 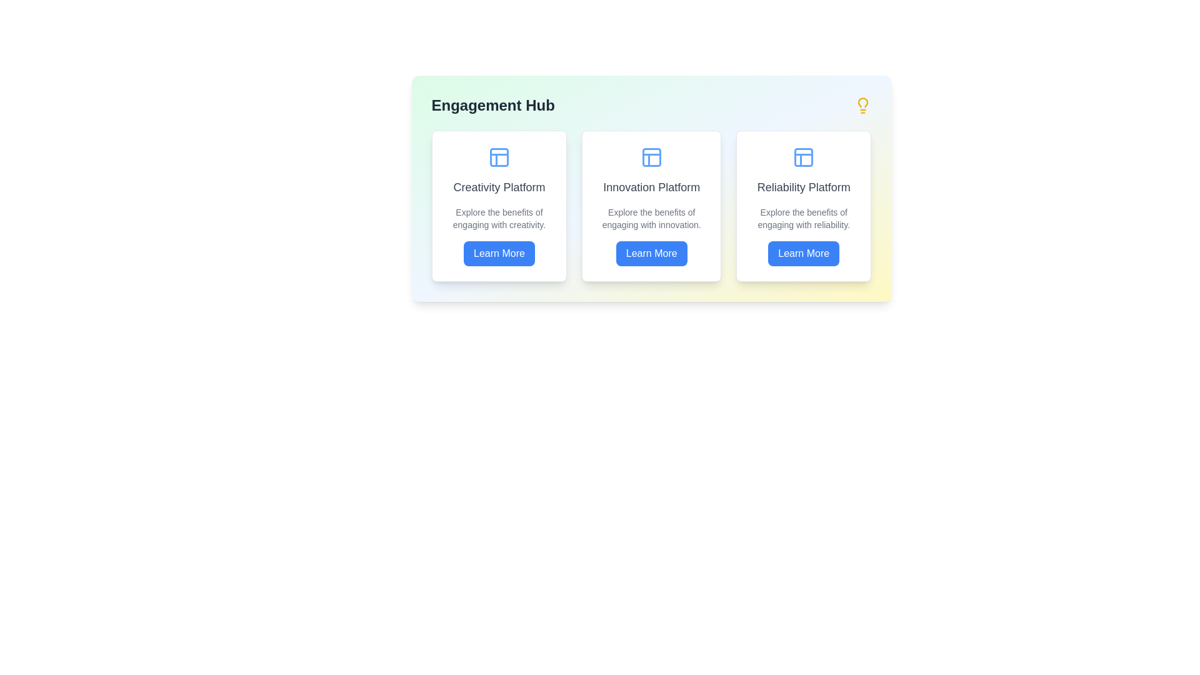 I want to click on the light bulb icon component styled in soft yellow, positioned at the top right corner above the 'Reliability Platform' card, so click(x=862, y=102).